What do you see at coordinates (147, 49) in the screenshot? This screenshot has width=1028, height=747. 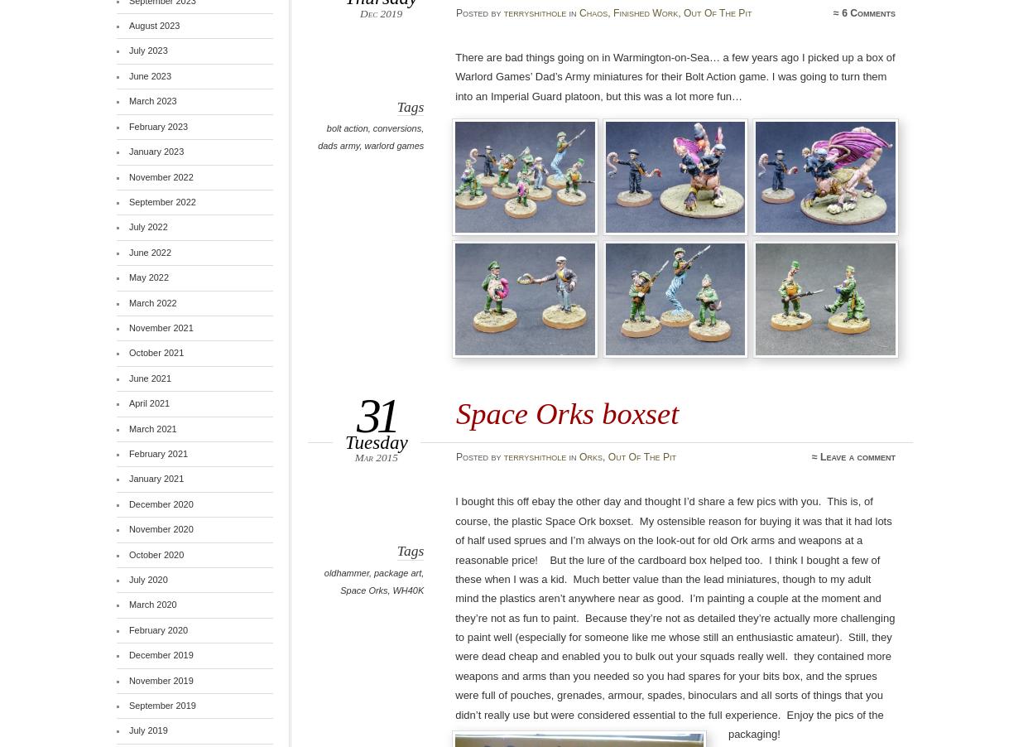 I see `'July 2023'` at bounding box center [147, 49].